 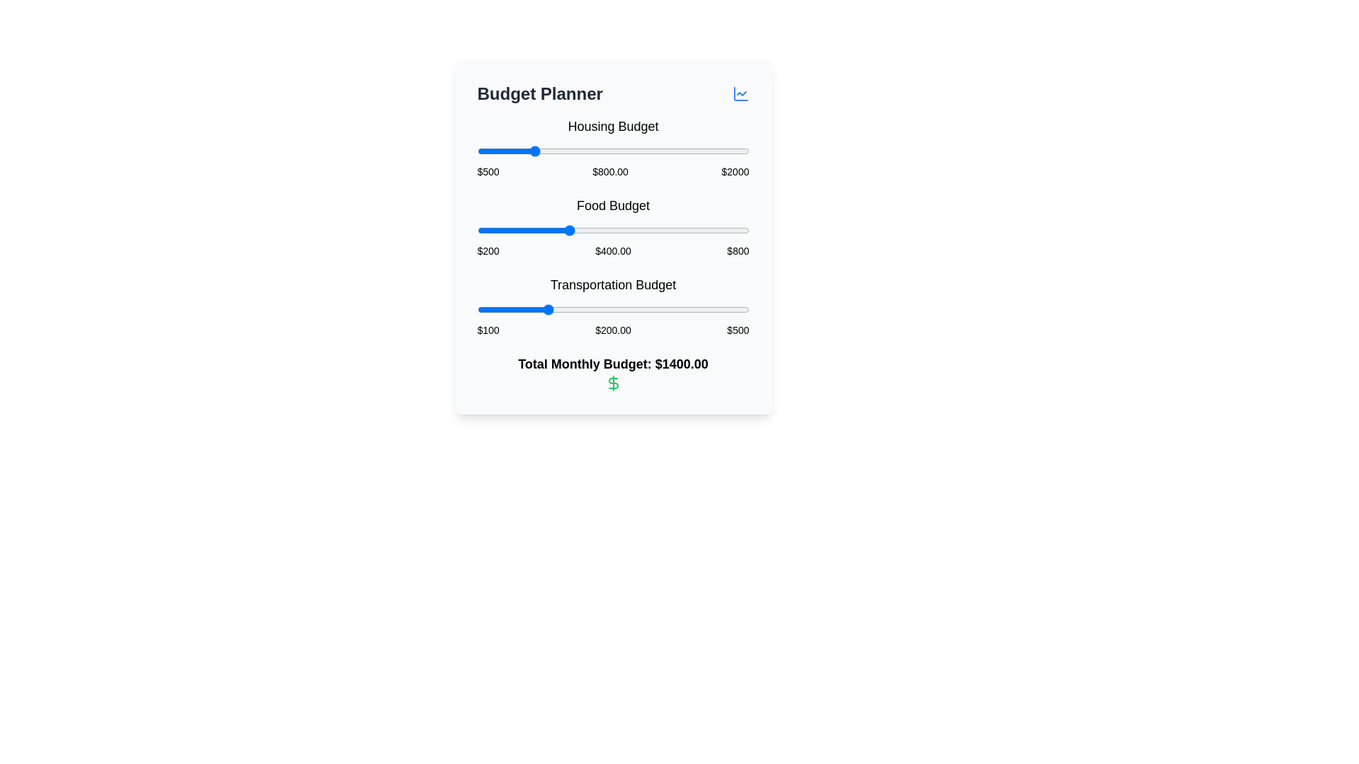 What do you see at coordinates (612, 230) in the screenshot?
I see `the Food Budget slider` at bounding box center [612, 230].